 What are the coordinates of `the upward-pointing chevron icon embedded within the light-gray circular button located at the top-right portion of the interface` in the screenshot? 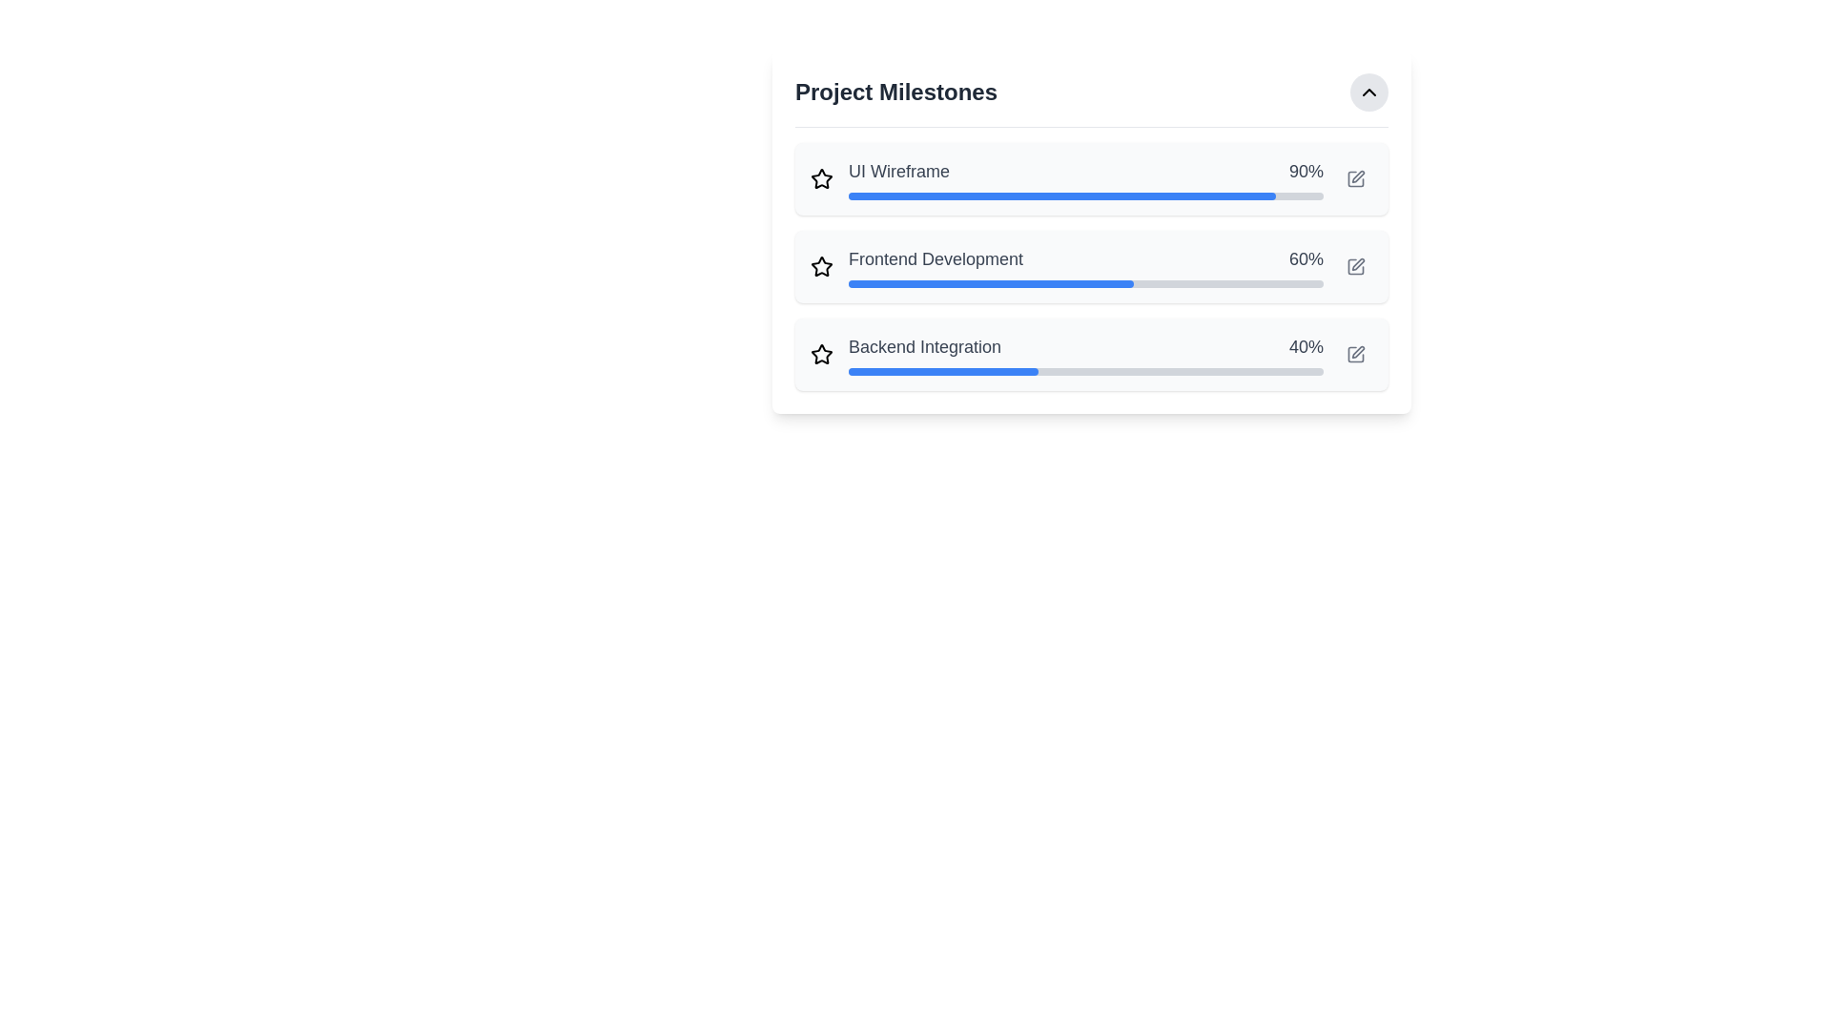 It's located at (1368, 92).